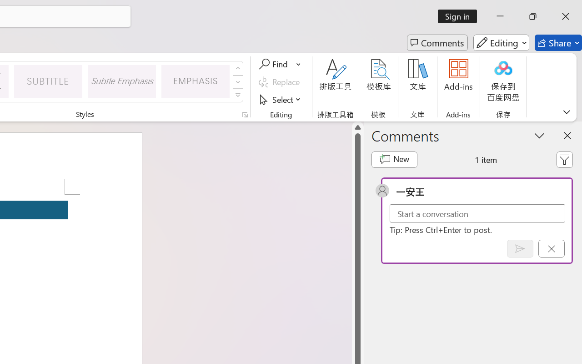 The width and height of the screenshot is (582, 364). What do you see at coordinates (48, 81) in the screenshot?
I see `'Subtitle'` at bounding box center [48, 81].